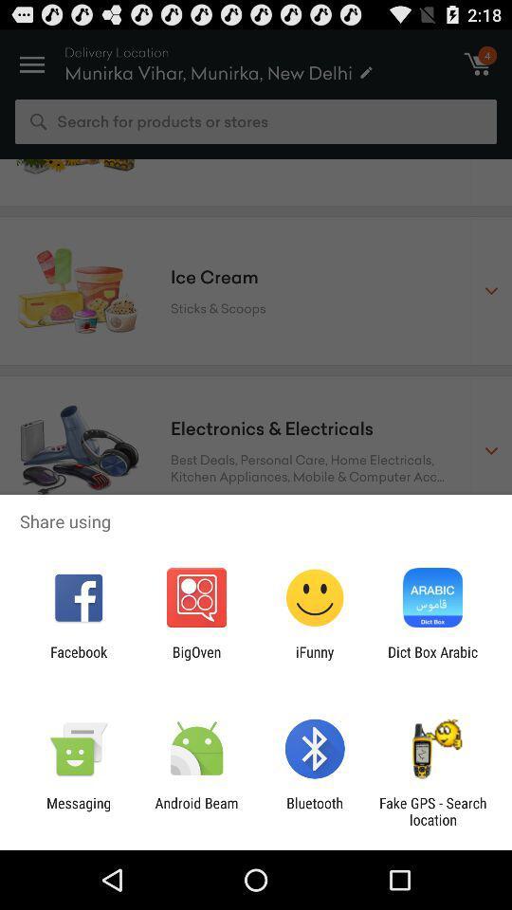 Image resolution: width=512 pixels, height=910 pixels. What do you see at coordinates (195, 660) in the screenshot?
I see `the icon next to the facebook icon` at bounding box center [195, 660].